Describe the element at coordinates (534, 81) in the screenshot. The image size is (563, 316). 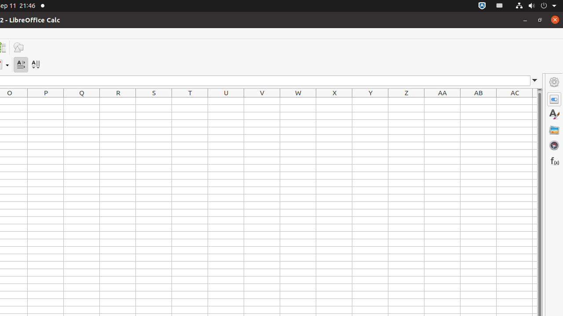
I see `'Expand Formula Bar'` at that location.